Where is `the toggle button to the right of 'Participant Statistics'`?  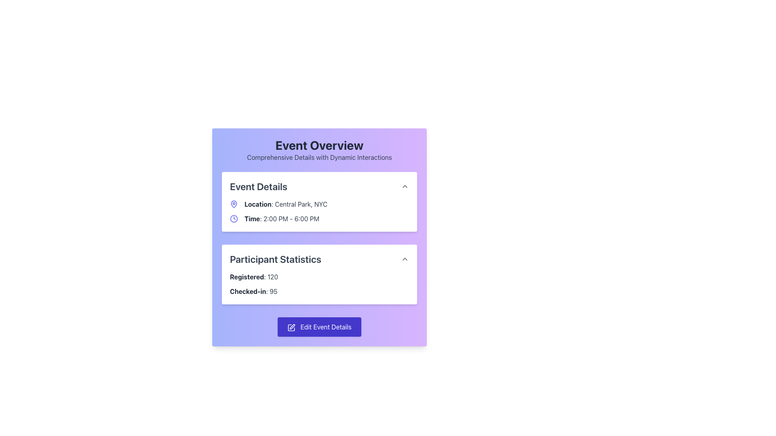
the toggle button to the right of 'Participant Statistics' is located at coordinates (405, 259).